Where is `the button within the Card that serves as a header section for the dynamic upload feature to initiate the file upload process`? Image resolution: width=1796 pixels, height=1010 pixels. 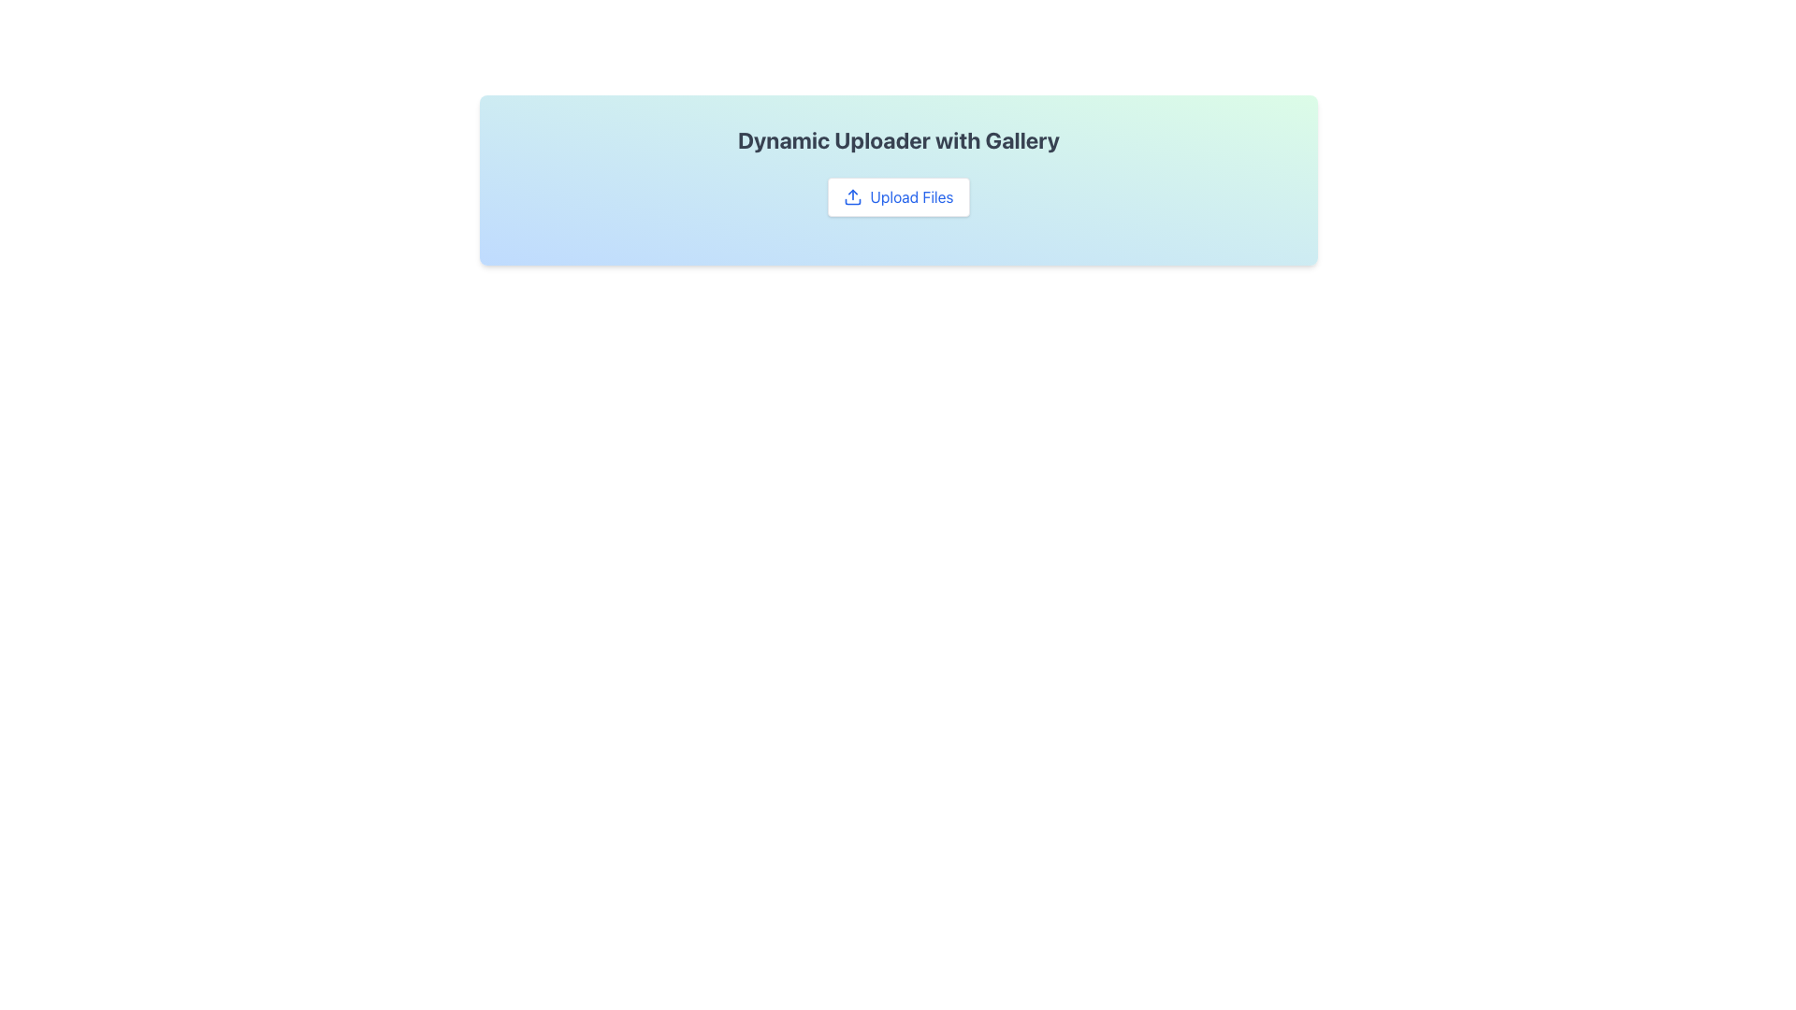 the button within the Card that serves as a header section for the dynamic upload feature to initiate the file upload process is located at coordinates (898, 180).